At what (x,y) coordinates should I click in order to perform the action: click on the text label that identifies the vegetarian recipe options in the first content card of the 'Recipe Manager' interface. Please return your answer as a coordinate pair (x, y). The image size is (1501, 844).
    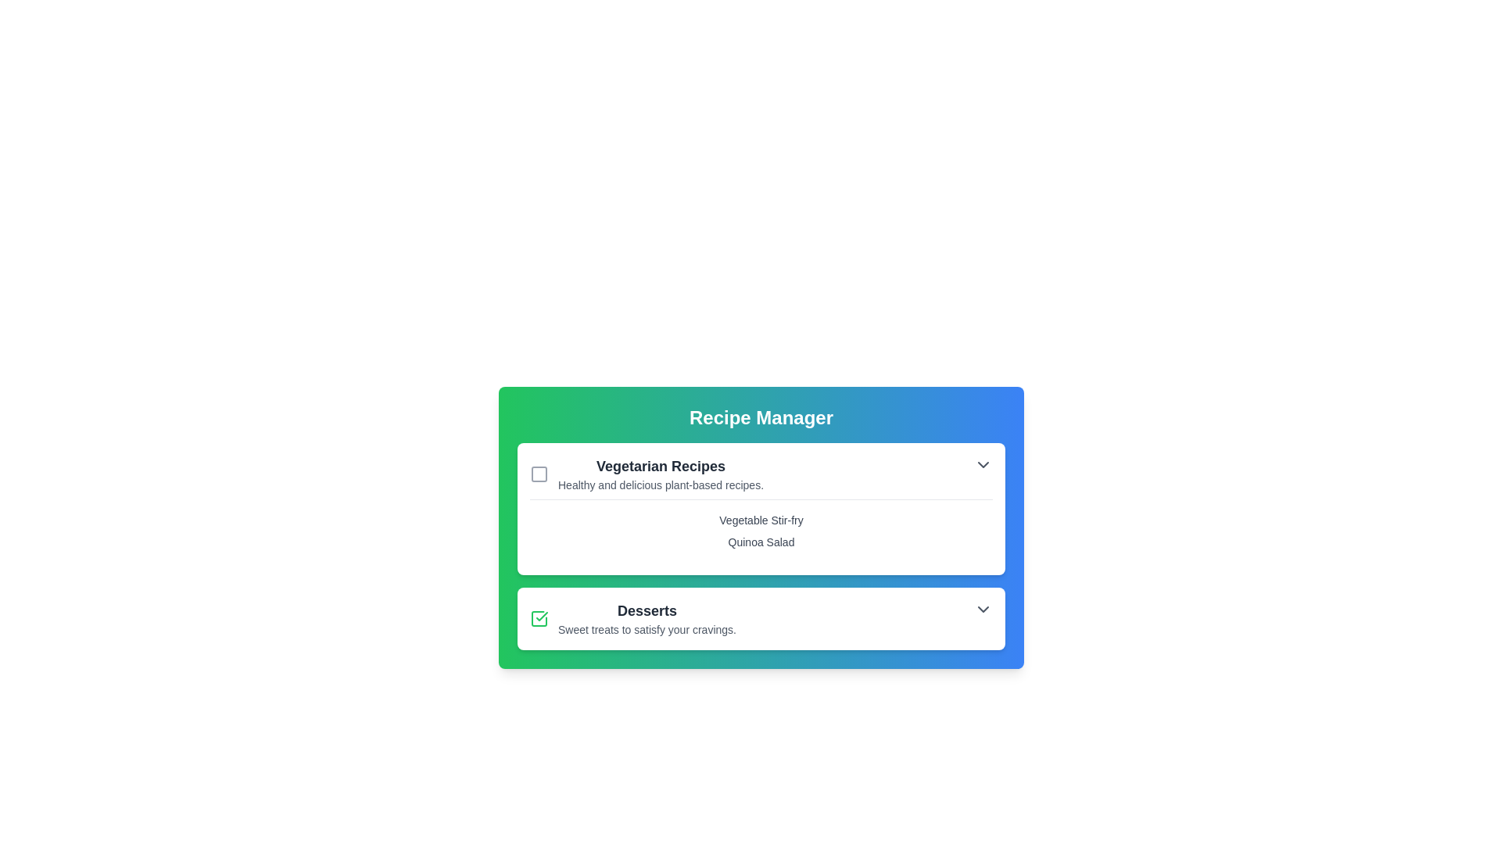
    Looking at the image, I should click on (661, 466).